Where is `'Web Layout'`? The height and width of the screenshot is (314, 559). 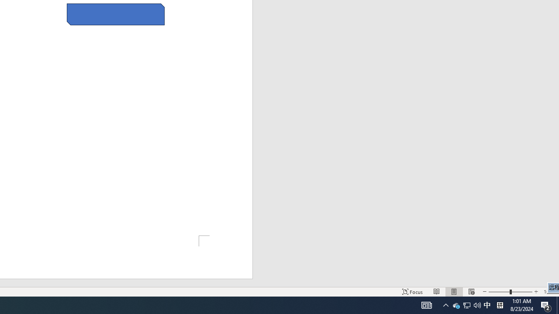 'Web Layout' is located at coordinates (471, 292).